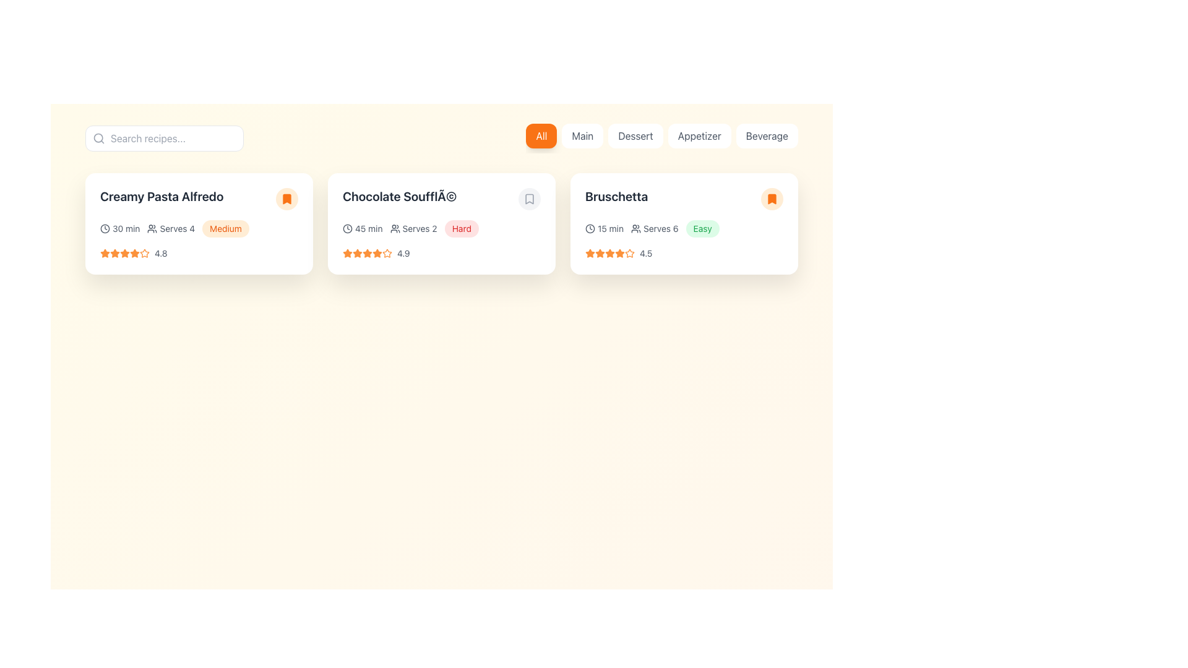 The height and width of the screenshot is (668, 1188). Describe the element at coordinates (170, 229) in the screenshot. I see `number of servings displayed in the text element located below the 'Creamy Pasta Alfredo' heading, centered between the '30 min' field and 'medium' label` at that location.